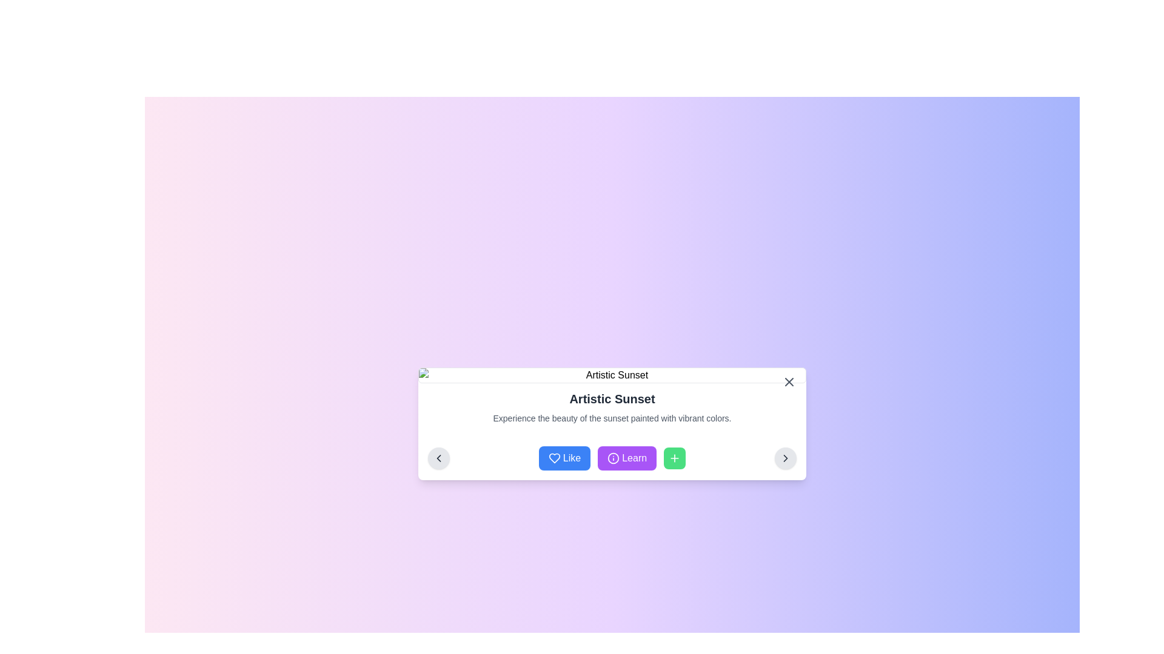 The height and width of the screenshot is (654, 1164). What do you see at coordinates (674, 458) in the screenshot?
I see `the green button with a white plus icon to observe the color change as it transitions from light green to darker green` at bounding box center [674, 458].